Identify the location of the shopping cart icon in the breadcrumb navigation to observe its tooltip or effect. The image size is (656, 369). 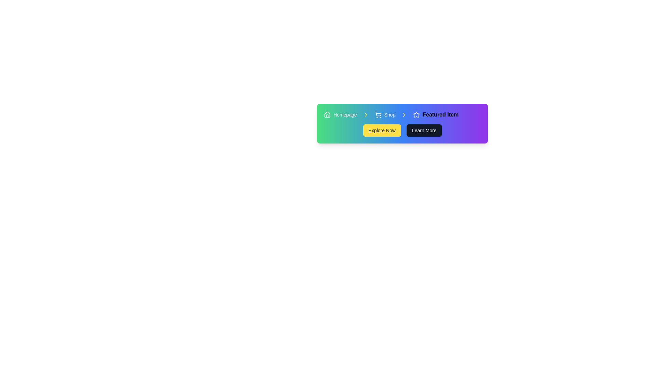
(378, 113).